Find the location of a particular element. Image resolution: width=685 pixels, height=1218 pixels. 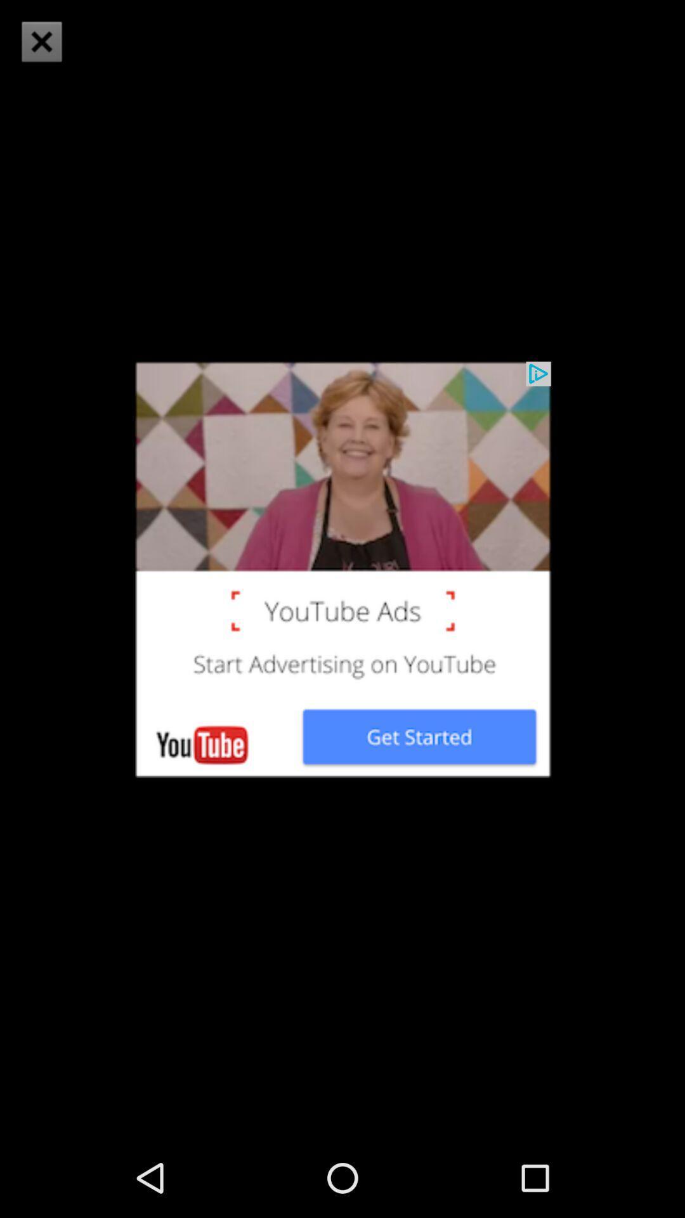

the close icon is located at coordinates (41, 44).